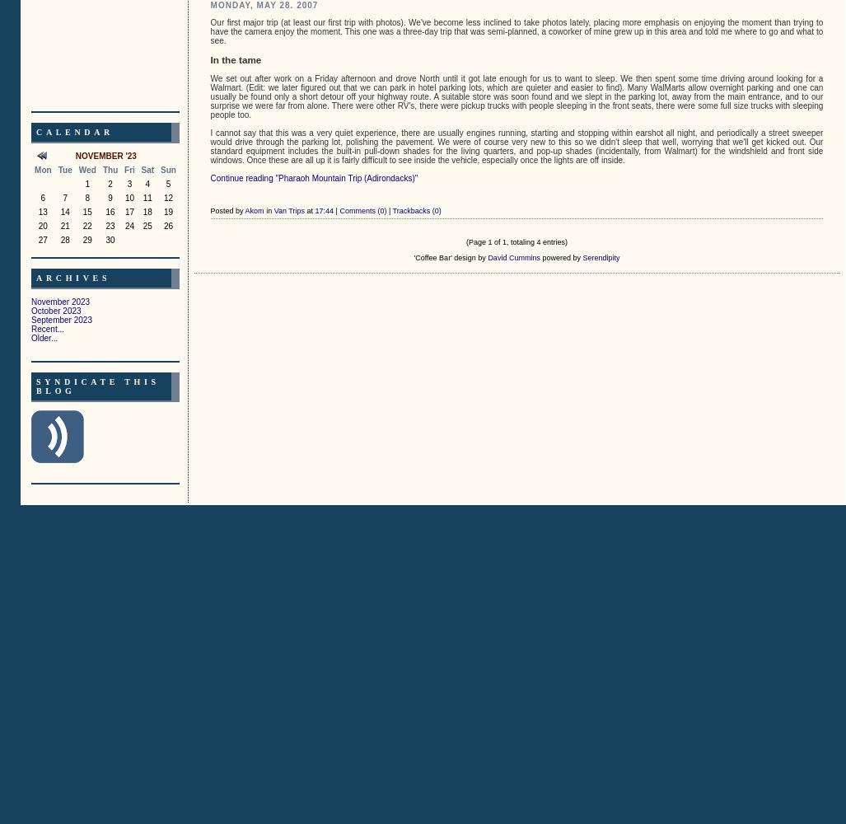  Describe the element at coordinates (86, 182) in the screenshot. I see `'1'` at that location.